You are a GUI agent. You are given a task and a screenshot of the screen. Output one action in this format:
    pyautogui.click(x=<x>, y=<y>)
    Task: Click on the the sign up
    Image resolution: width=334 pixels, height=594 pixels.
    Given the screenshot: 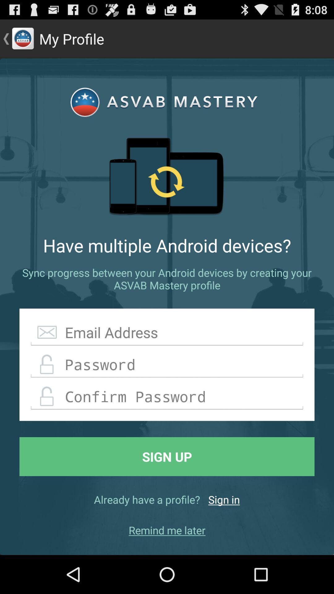 What is the action you would take?
    pyautogui.click(x=167, y=456)
    